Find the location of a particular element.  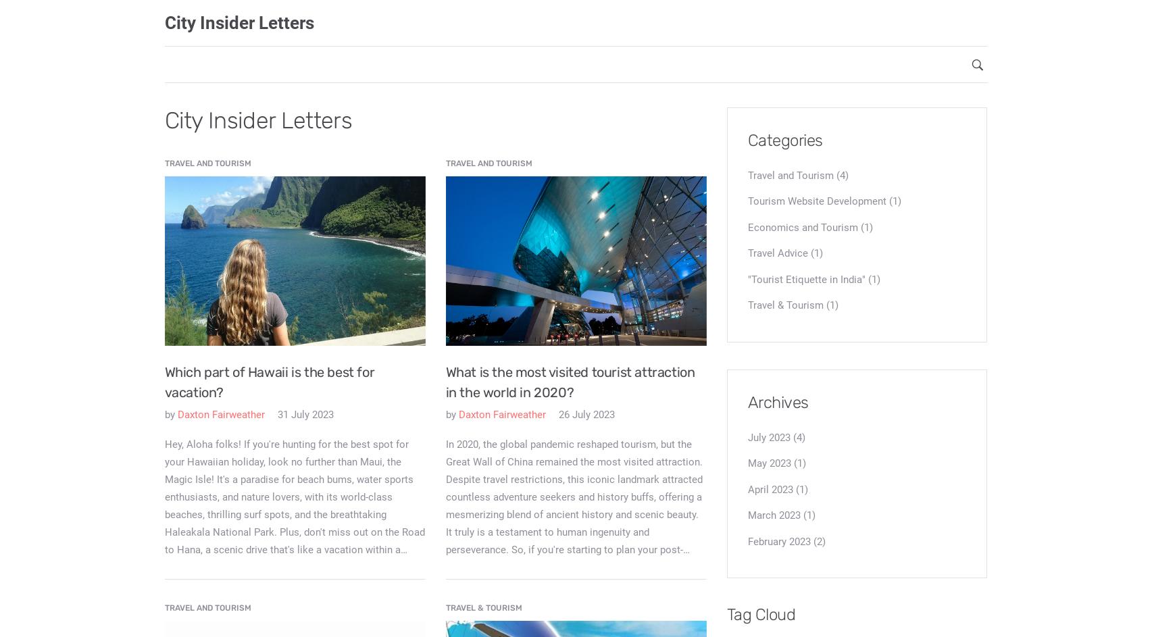

'In 2020, the global pandemic reshaped tourism, but the Great Wall of China remained the most visited attraction. Despite travel restrictions, this iconic landmark attracted countless adventure seekers and history buffs, offering a mesmerizing blend of ancient history and scenic beauty. It truly is a testament to human ingenuity and perseverance. So, if you're starting to plan your post-pandemic travels, the Great Wall should definitely be on your list. After all, there's a reason it's the most popular tourist destination in the world.' is located at coordinates (573, 523).